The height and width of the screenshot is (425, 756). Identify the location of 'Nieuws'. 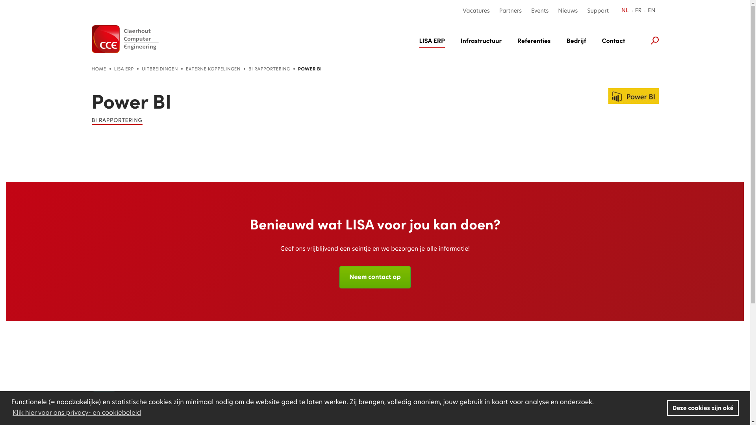
(567, 11).